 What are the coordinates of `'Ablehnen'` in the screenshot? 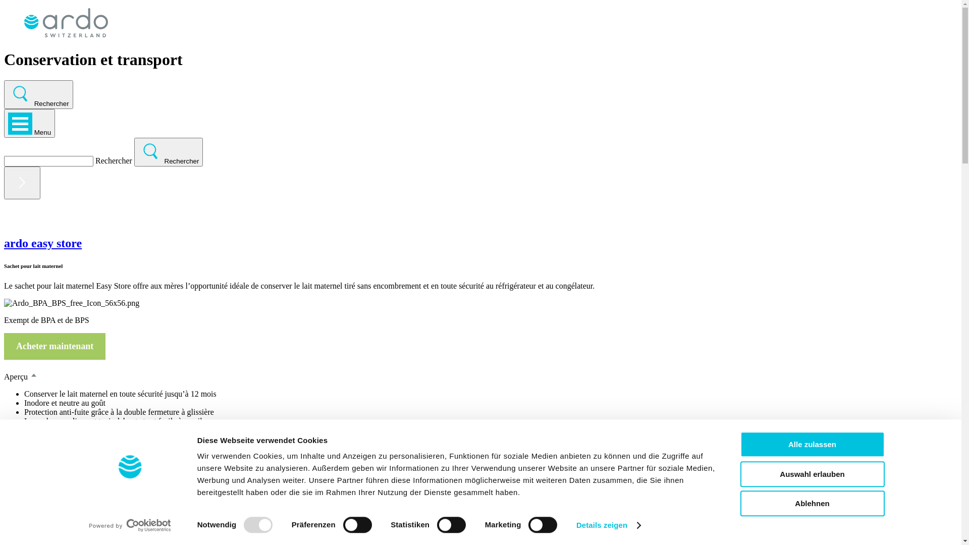 It's located at (812, 503).